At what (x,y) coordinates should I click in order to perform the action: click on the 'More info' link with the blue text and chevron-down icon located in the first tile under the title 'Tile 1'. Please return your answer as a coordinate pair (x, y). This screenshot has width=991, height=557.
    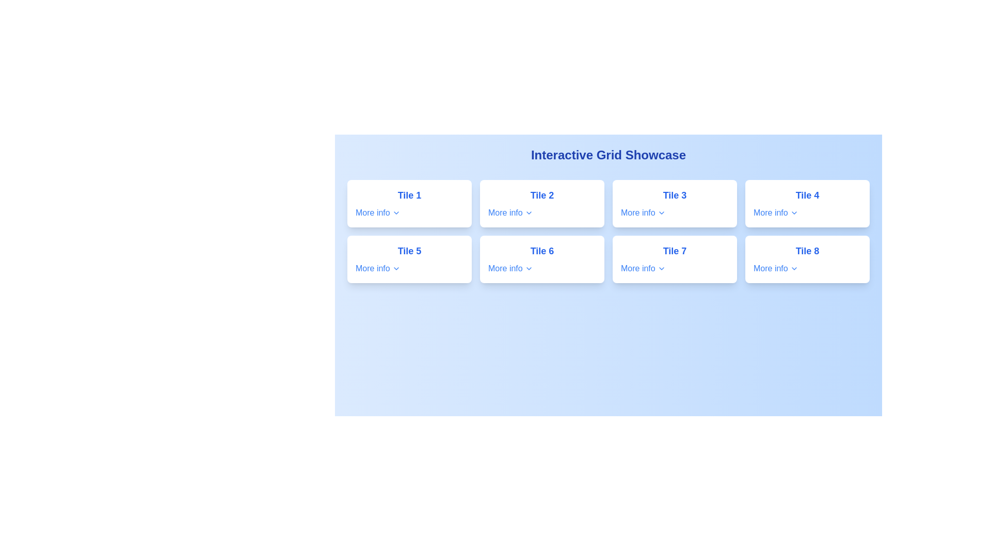
    Looking at the image, I should click on (377, 212).